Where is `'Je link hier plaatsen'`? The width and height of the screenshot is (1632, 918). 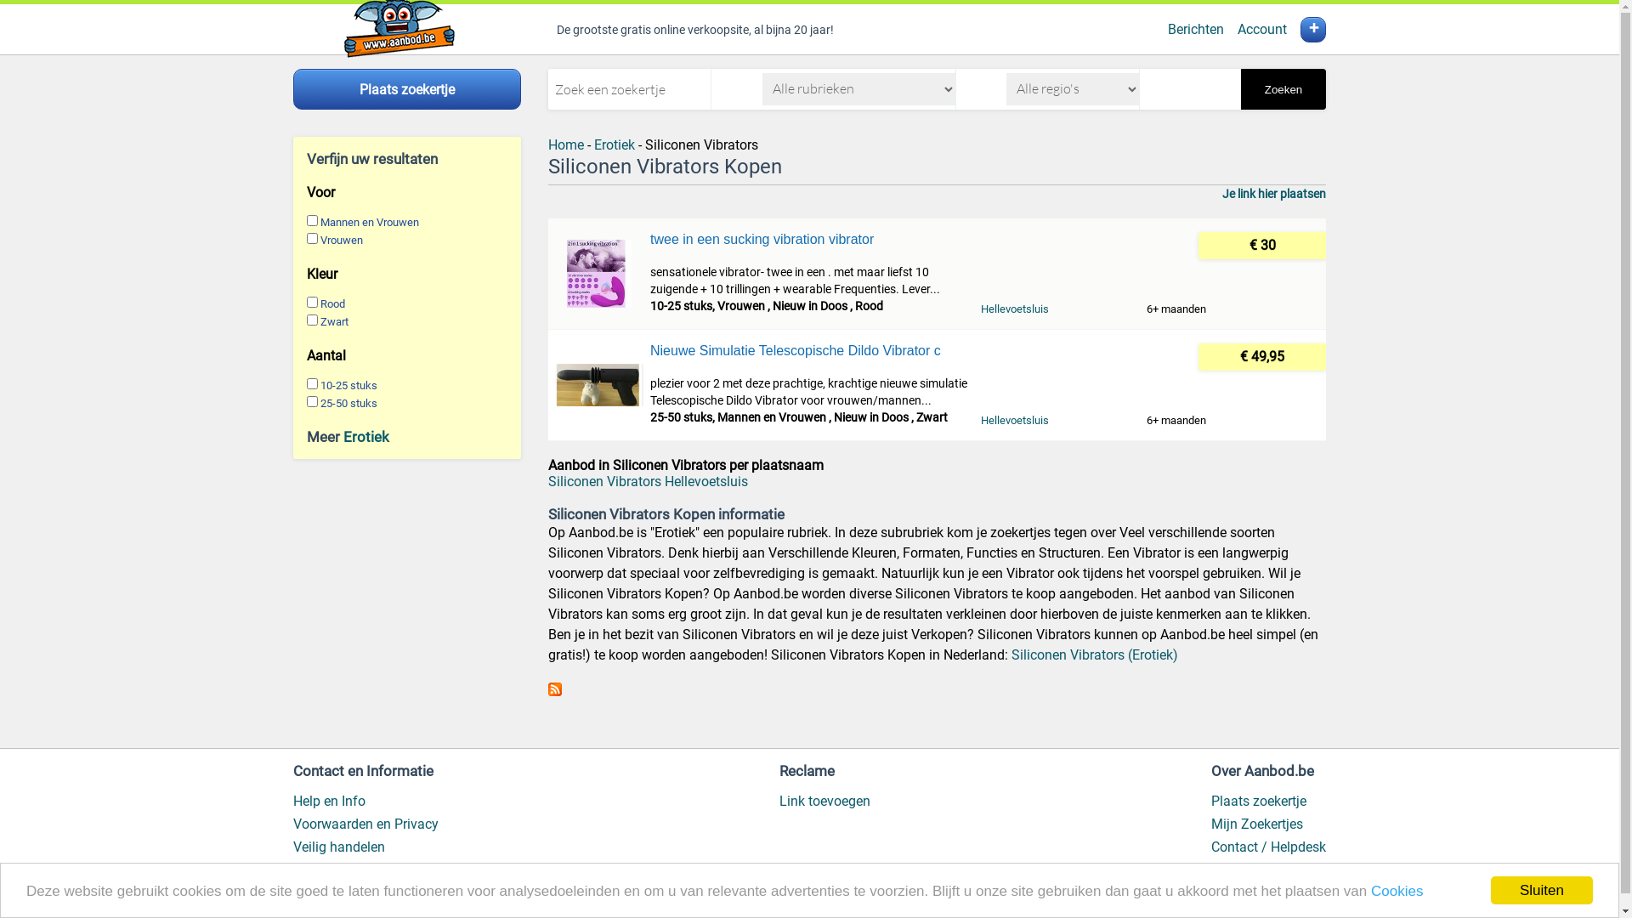 'Je link hier plaatsen' is located at coordinates (1221, 192).